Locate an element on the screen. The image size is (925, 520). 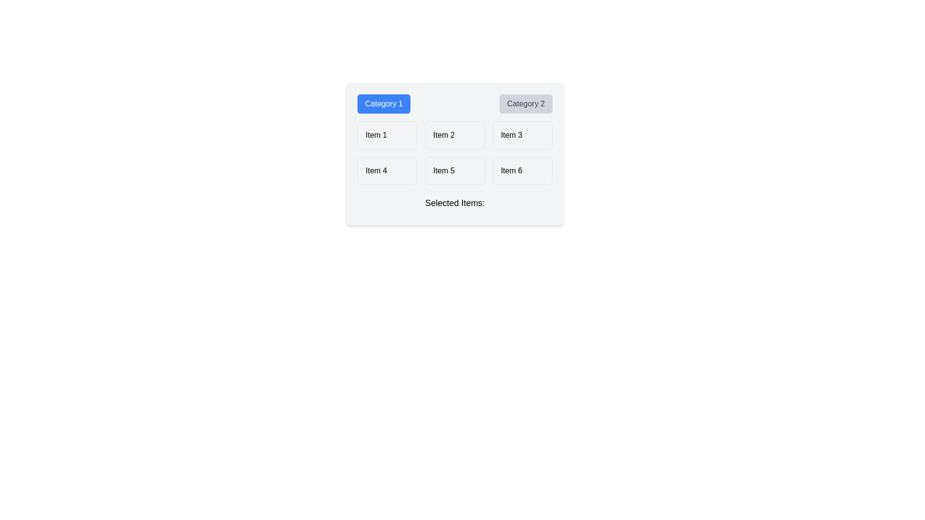
the button positioned in the second column of the second row of the grid layout, related to 'Item 5' is located at coordinates (454, 170).